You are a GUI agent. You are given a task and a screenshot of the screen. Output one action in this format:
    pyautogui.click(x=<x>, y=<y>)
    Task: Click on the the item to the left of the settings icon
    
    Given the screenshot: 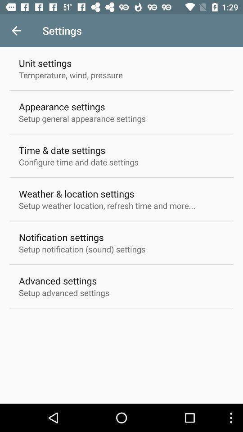 What is the action you would take?
    pyautogui.click(x=16, y=31)
    